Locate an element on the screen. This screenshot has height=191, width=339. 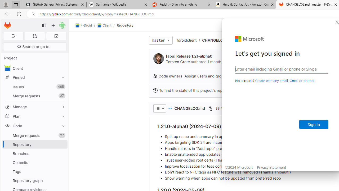
'GitHub General Privacy Statement - GitHub Docs' is located at coordinates (55, 5).